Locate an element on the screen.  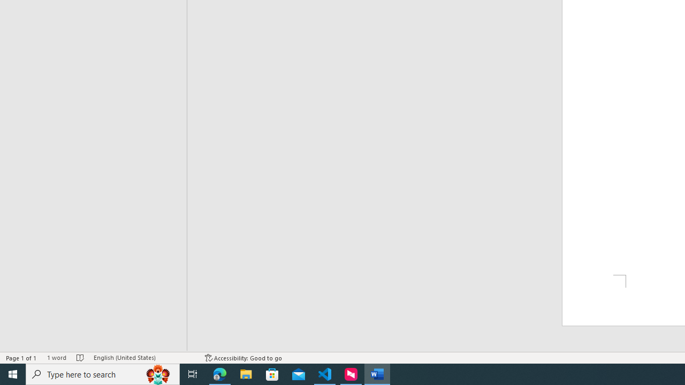
'Language English (United States)' is located at coordinates (143, 358).